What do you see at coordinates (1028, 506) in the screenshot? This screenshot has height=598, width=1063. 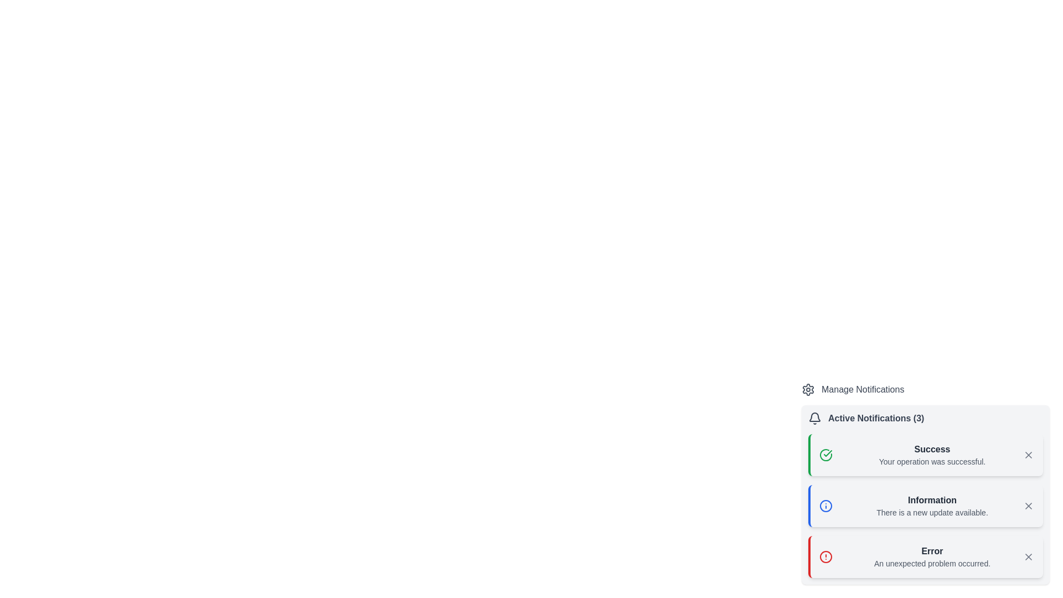 I see `the circular icon button with a cross symbol, located at the top-right corner of the notification stating 'Information: There is a new update available.'` at bounding box center [1028, 506].